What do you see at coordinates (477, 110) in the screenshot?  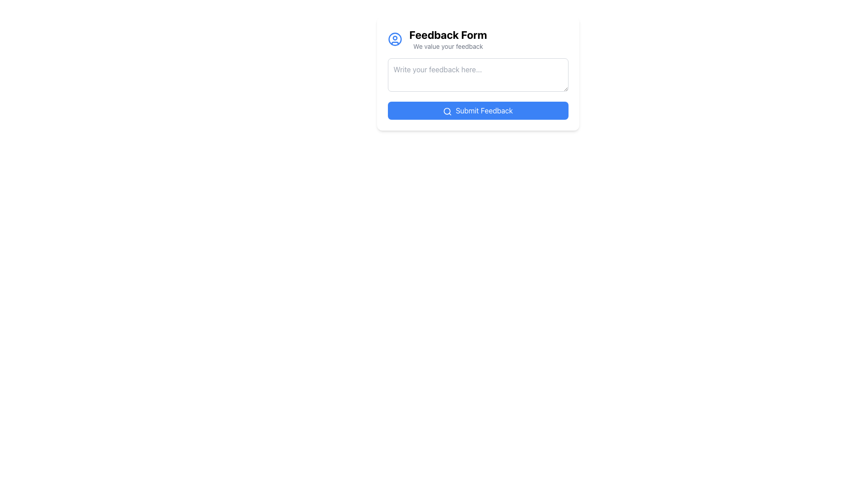 I see `the rectangular blue button labeled 'Submit Feedback'` at bounding box center [477, 110].